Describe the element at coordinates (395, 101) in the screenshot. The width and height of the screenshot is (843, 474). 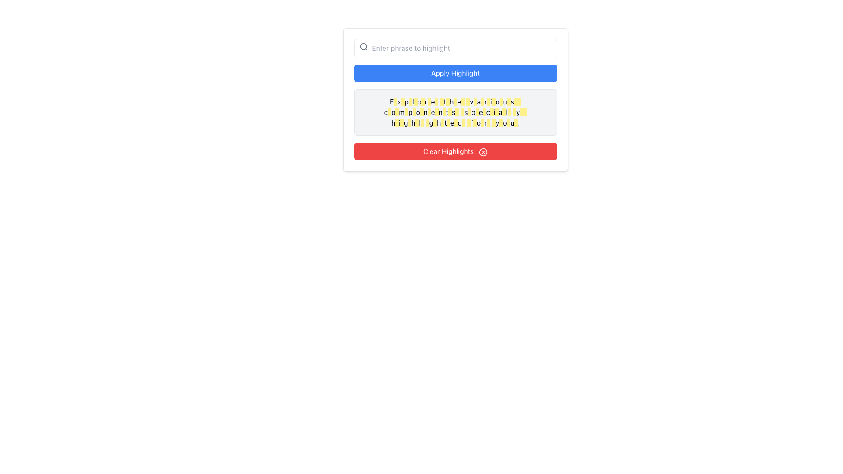
I see `the Highlight marker, which is the first highlighted block in the phrase 'Explore the various components specially highlighted for you.'` at that location.